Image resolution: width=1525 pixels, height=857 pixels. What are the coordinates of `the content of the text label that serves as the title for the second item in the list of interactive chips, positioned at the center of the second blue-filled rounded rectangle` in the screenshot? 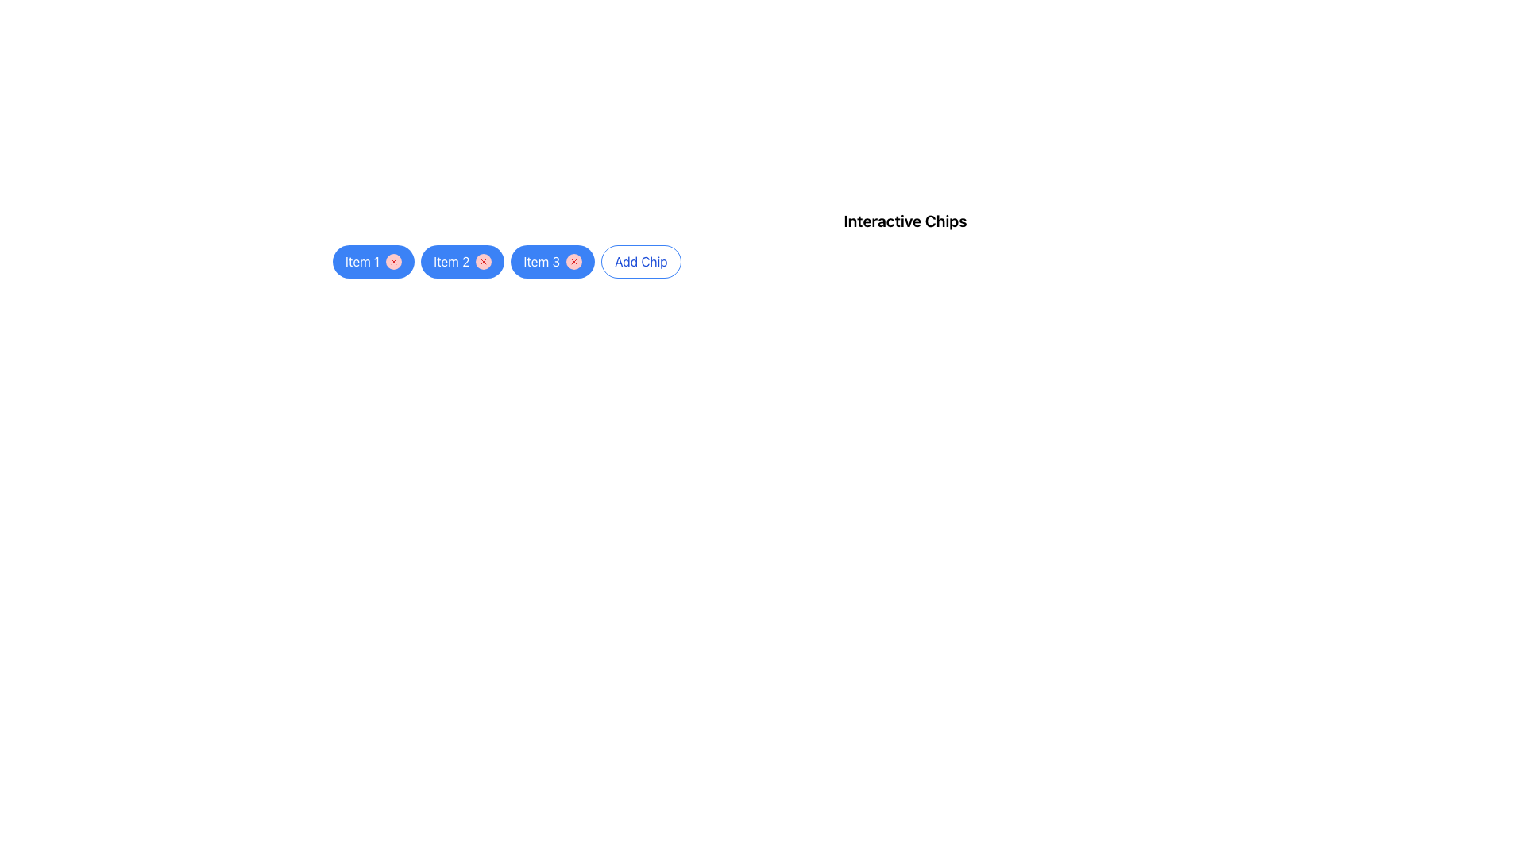 It's located at (450, 261).